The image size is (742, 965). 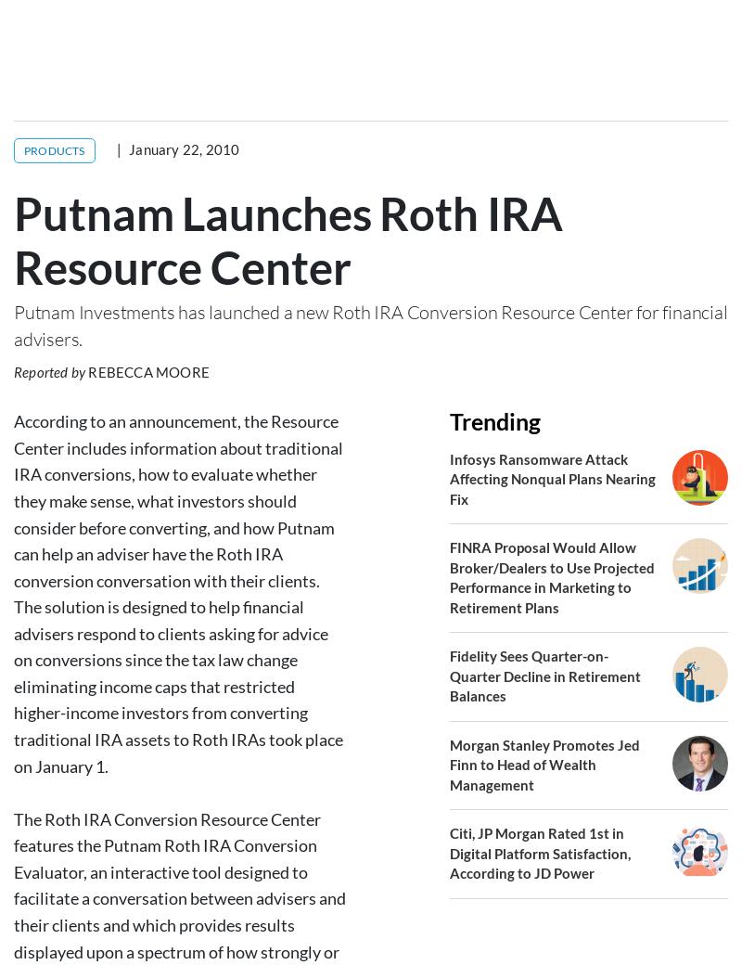 What do you see at coordinates (13, 501) in the screenshot?
I see `'Cogent attributes the decline to both the gaining of the generational cohorts and the fact that significantly fewer Boomers are employed full-time outside the home. The economy could also play a role, as it has forced job changes among younger investors.'` at bounding box center [13, 501].